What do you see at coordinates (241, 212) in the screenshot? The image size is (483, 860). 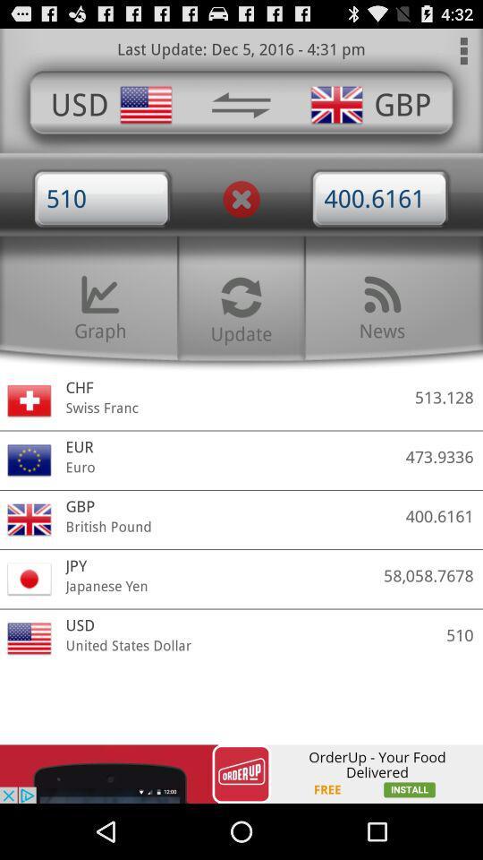 I see `the close icon` at bounding box center [241, 212].